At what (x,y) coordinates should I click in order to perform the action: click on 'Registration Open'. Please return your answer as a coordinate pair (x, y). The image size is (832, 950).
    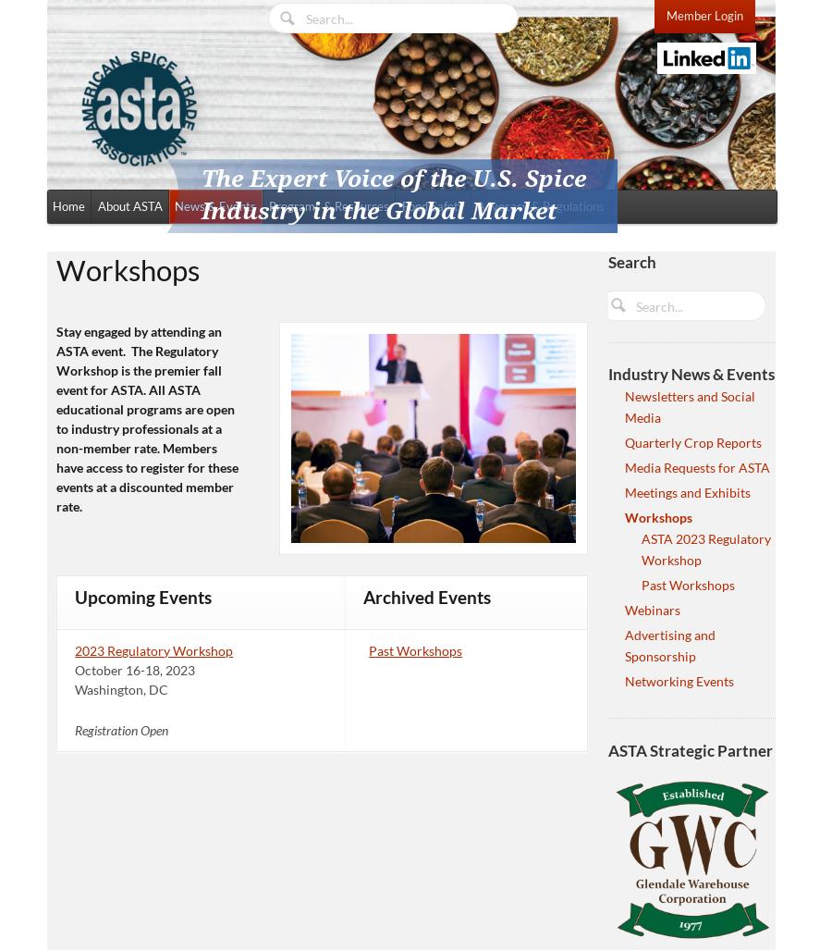
    Looking at the image, I should click on (121, 728).